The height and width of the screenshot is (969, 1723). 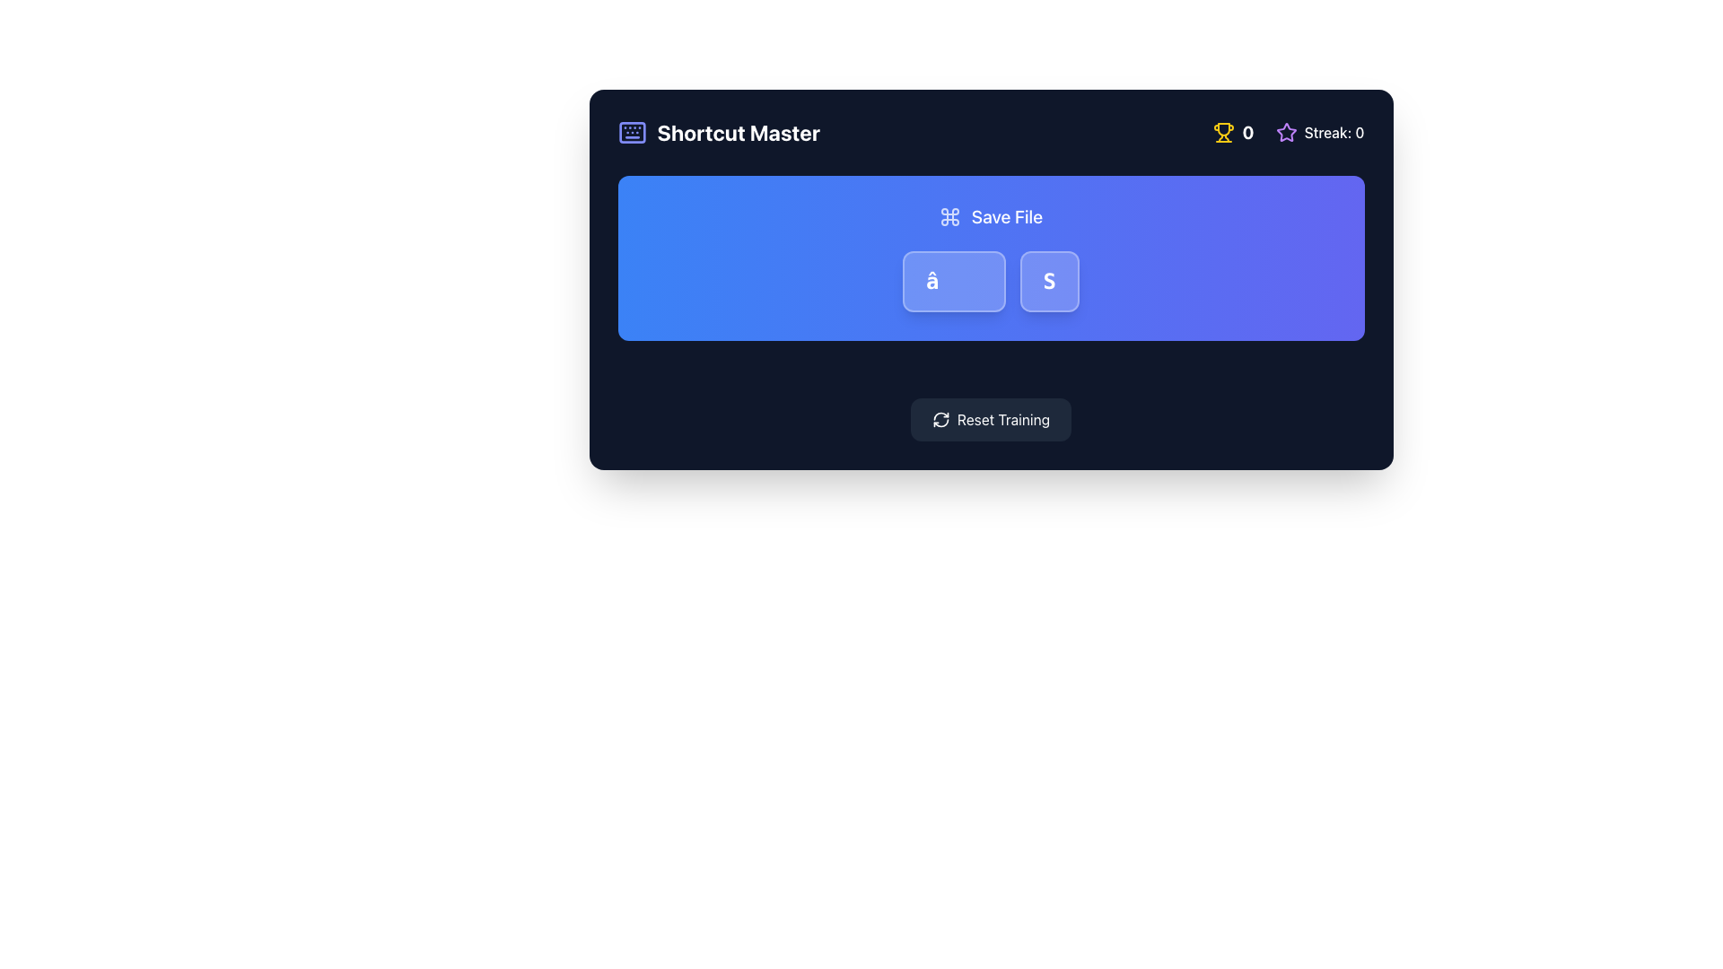 I want to click on the circular command key icon that is white with slight transparency, located above the 'Save File' label, so click(x=949, y=216).